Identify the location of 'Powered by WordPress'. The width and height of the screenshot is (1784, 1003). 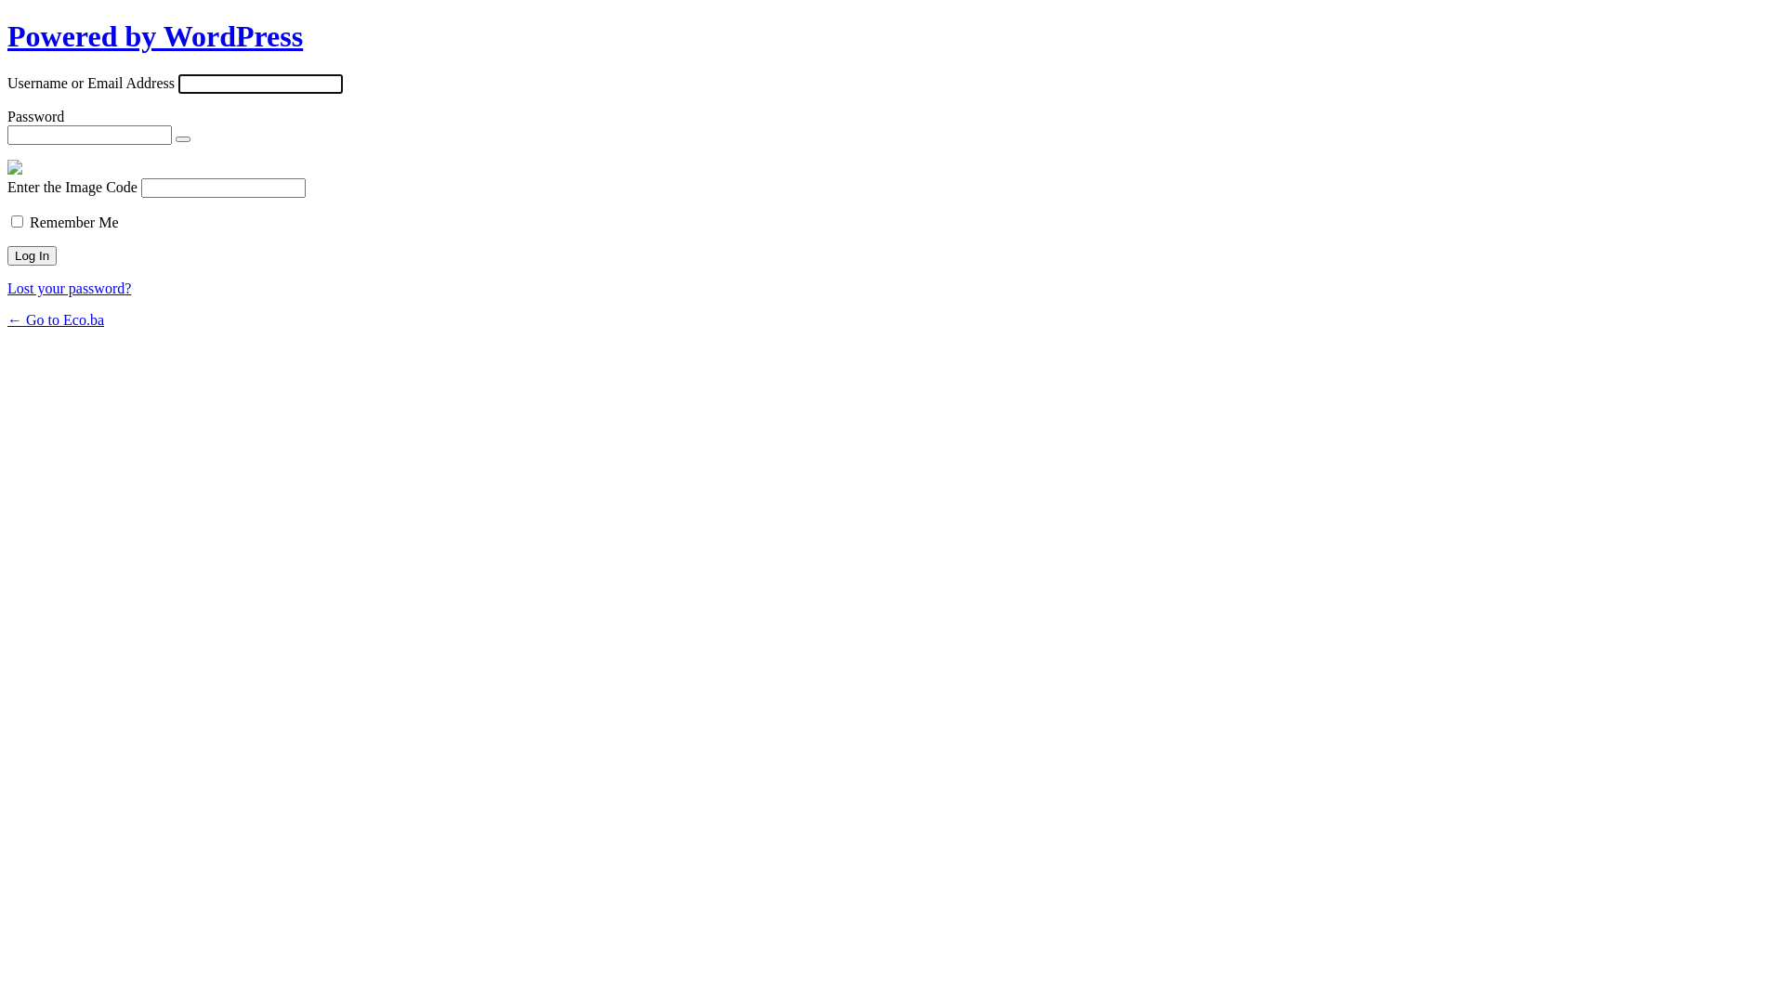
(7, 35).